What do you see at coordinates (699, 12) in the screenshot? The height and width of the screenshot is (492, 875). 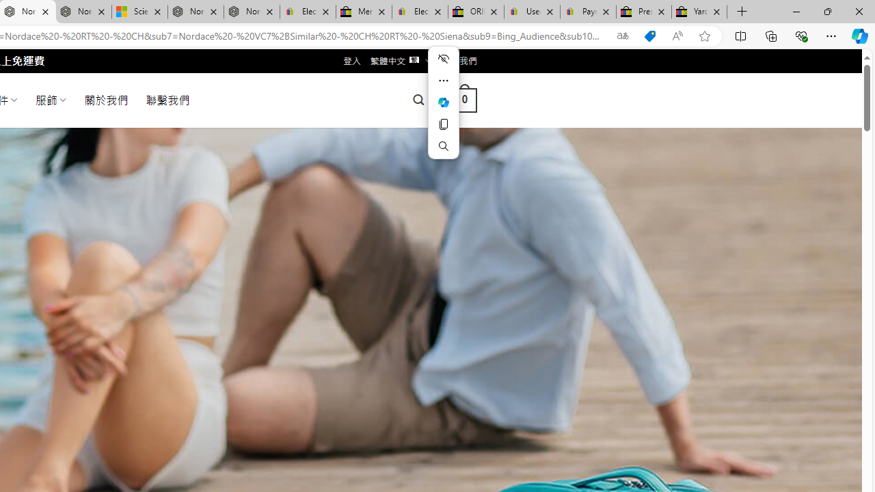 I see `'Yard, Garden & Outdoor Living'` at bounding box center [699, 12].